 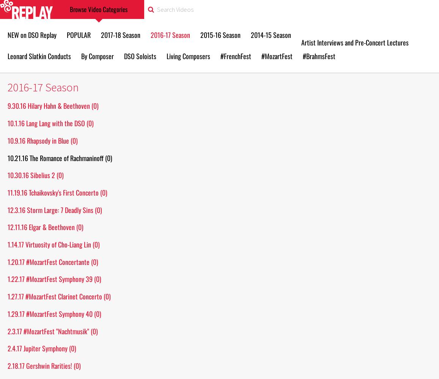 I want to click on '9.30.16 Hilary Hahn & Beethoven (0)', so click(x=52, y=106).